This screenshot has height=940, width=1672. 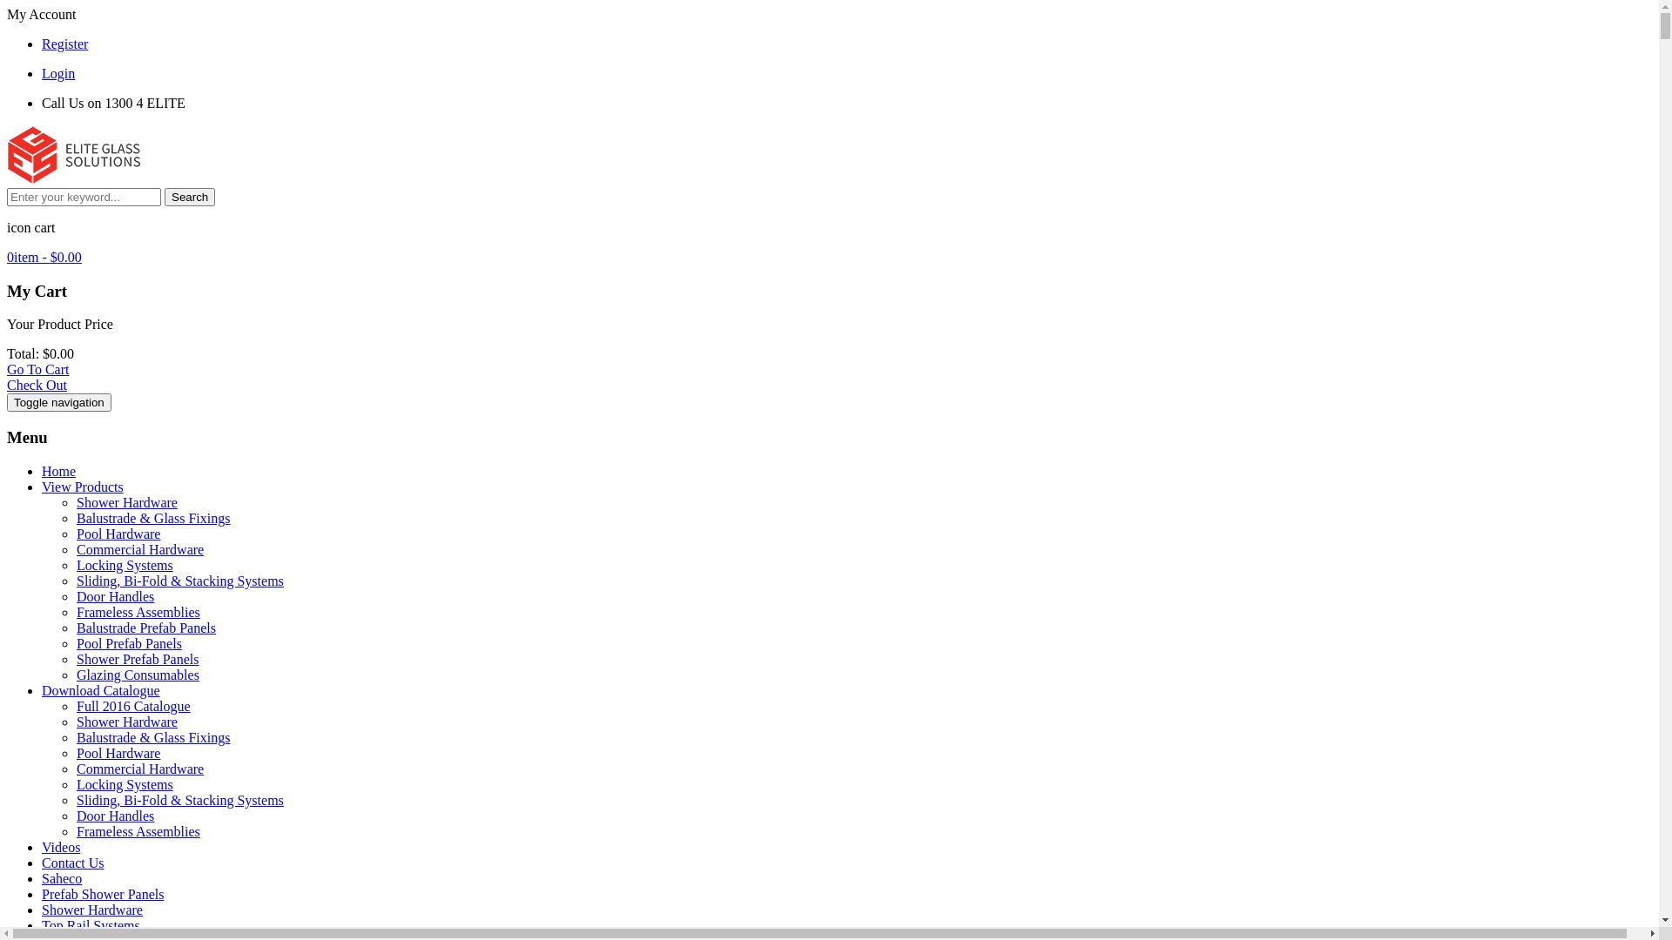 I want to click on 'Home', so click(x=58, y=471).